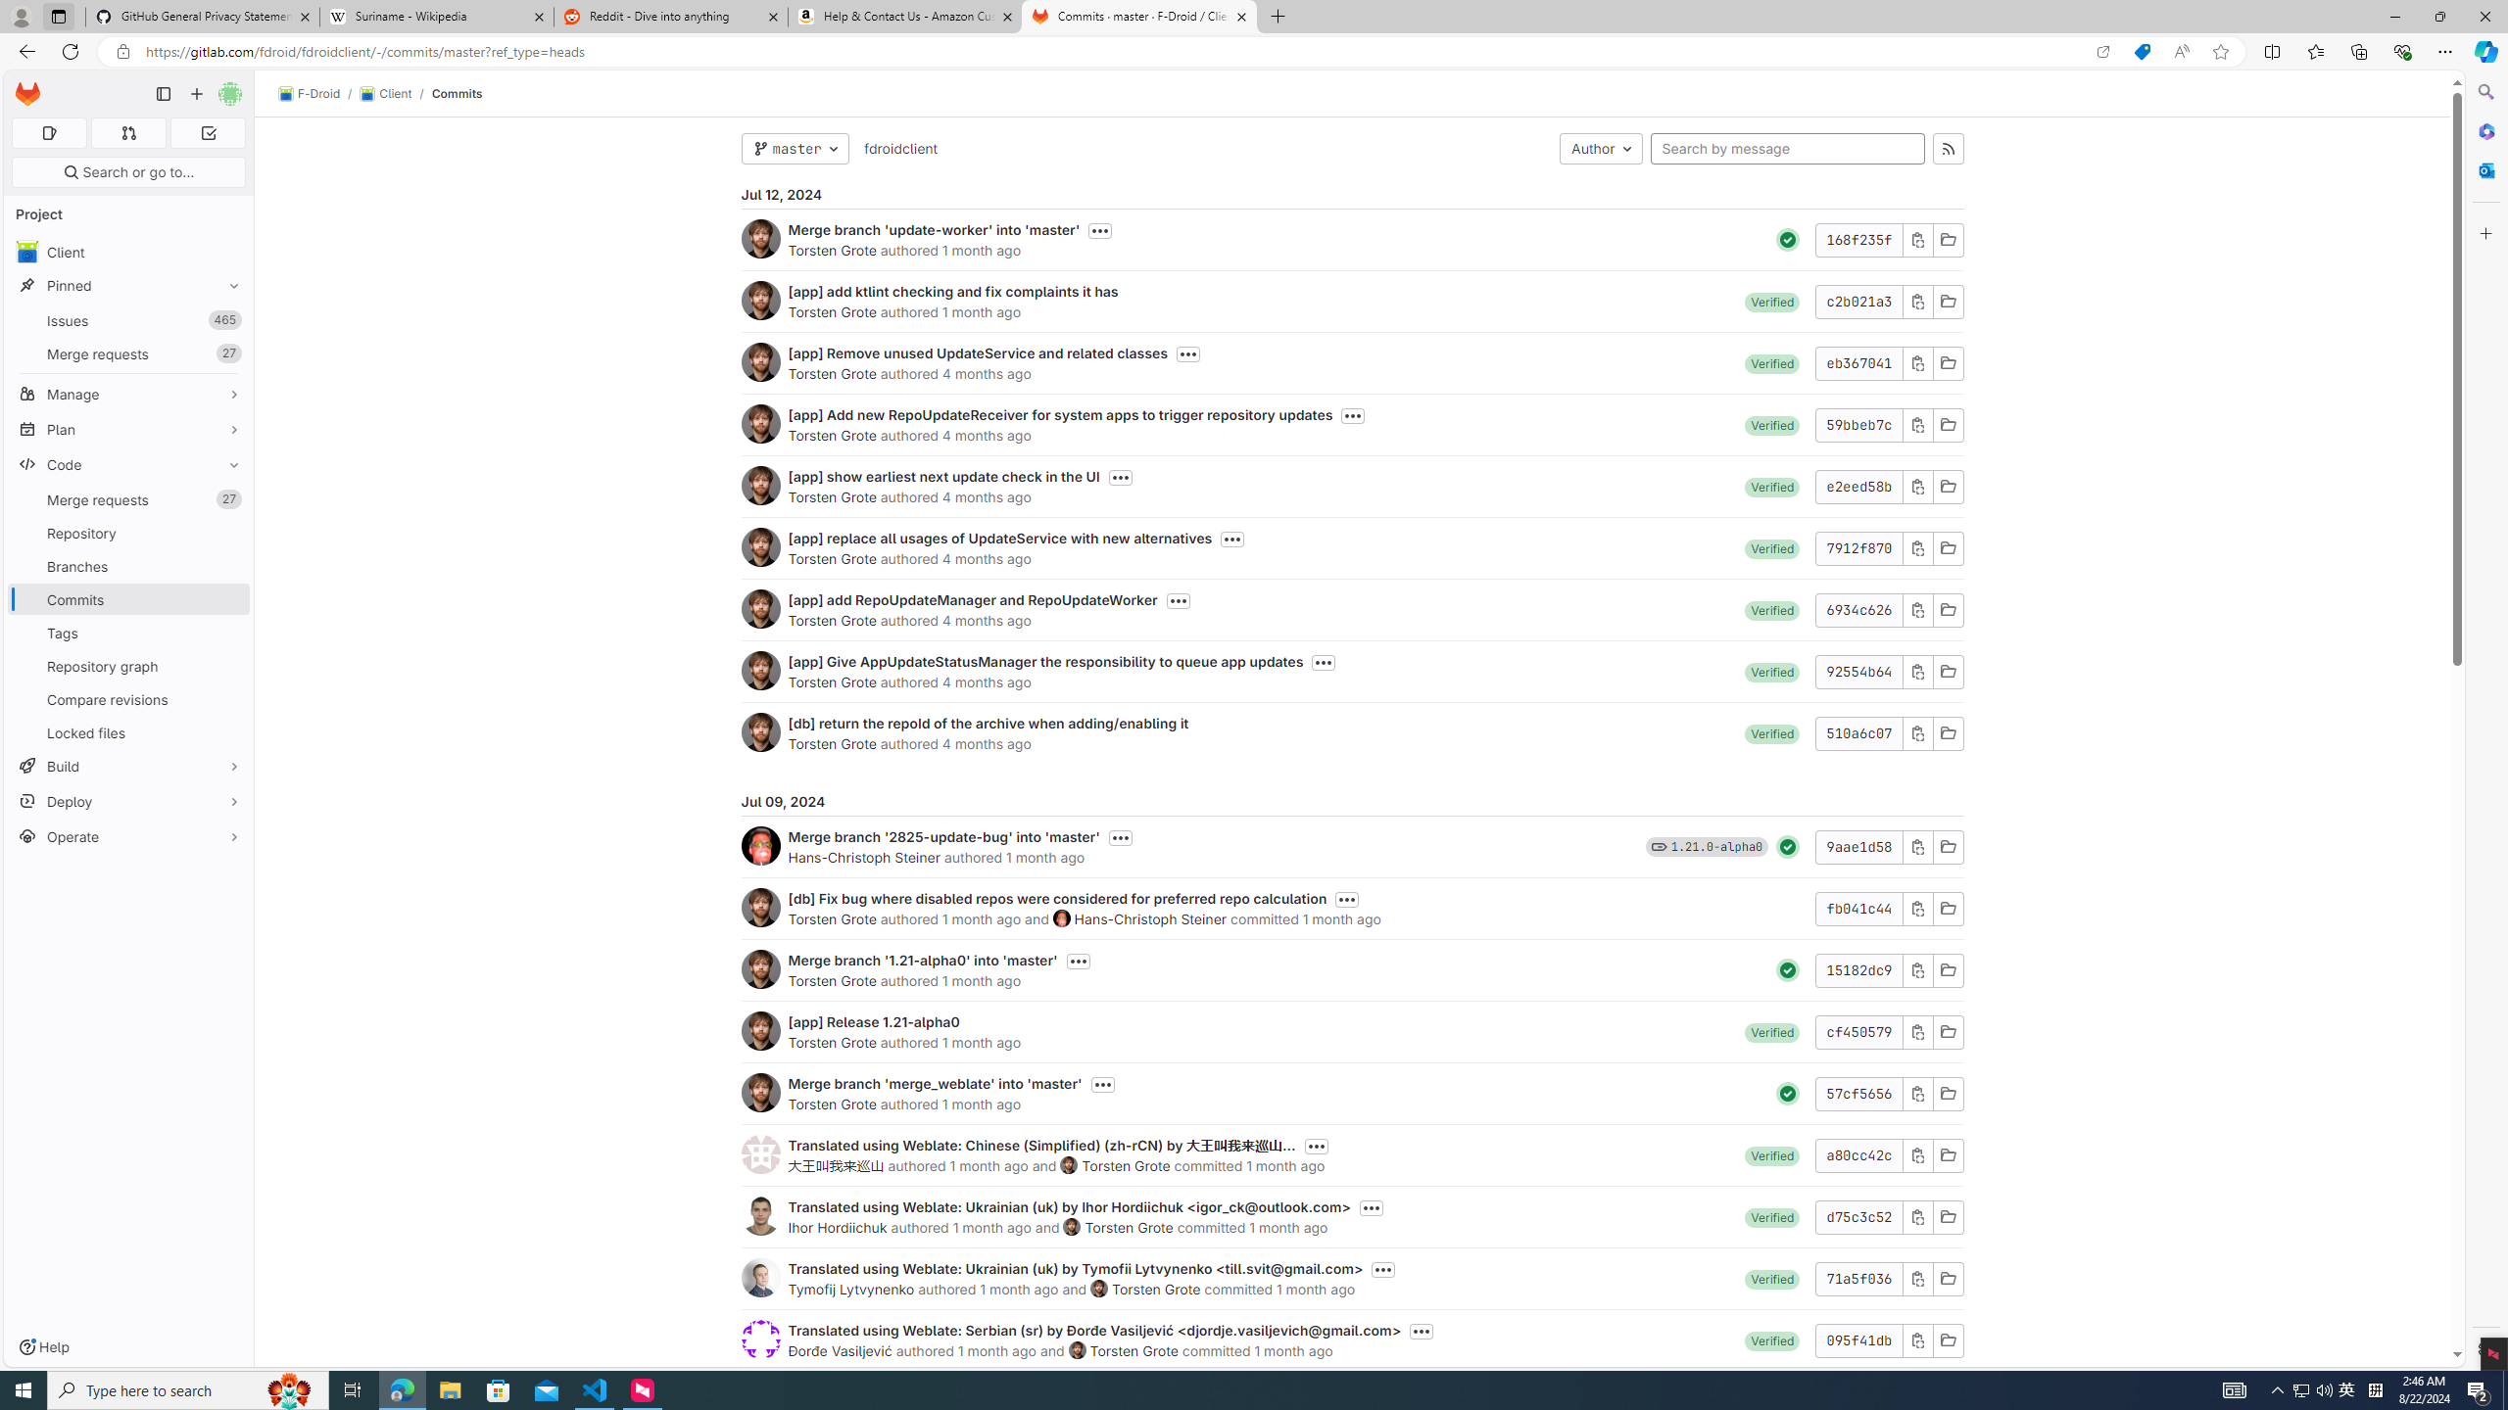 This screenshot has width=2508, height=1410. What do you see at coordinates (319, 93) in the screenshot?
I see `'F-Droid/'` at bounding box center [319, 93].